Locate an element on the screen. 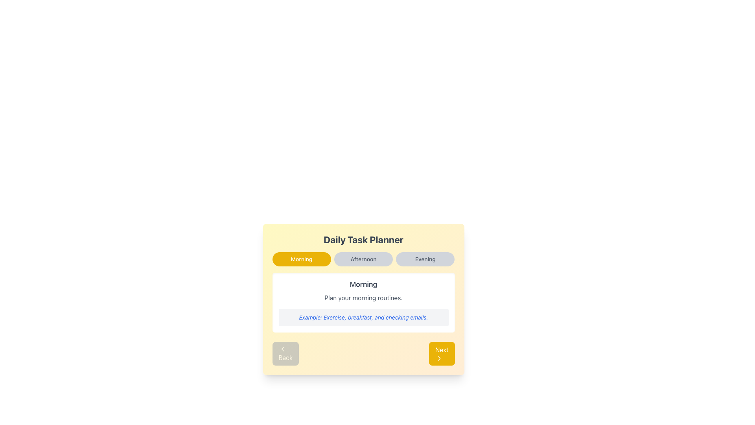 This screenshot has height=425, width=755. the 'Afternoon' button located in the top section of the card interface, positioned between the 'Morning' and 'Evening' buttons is located at coordinates (363, 259).